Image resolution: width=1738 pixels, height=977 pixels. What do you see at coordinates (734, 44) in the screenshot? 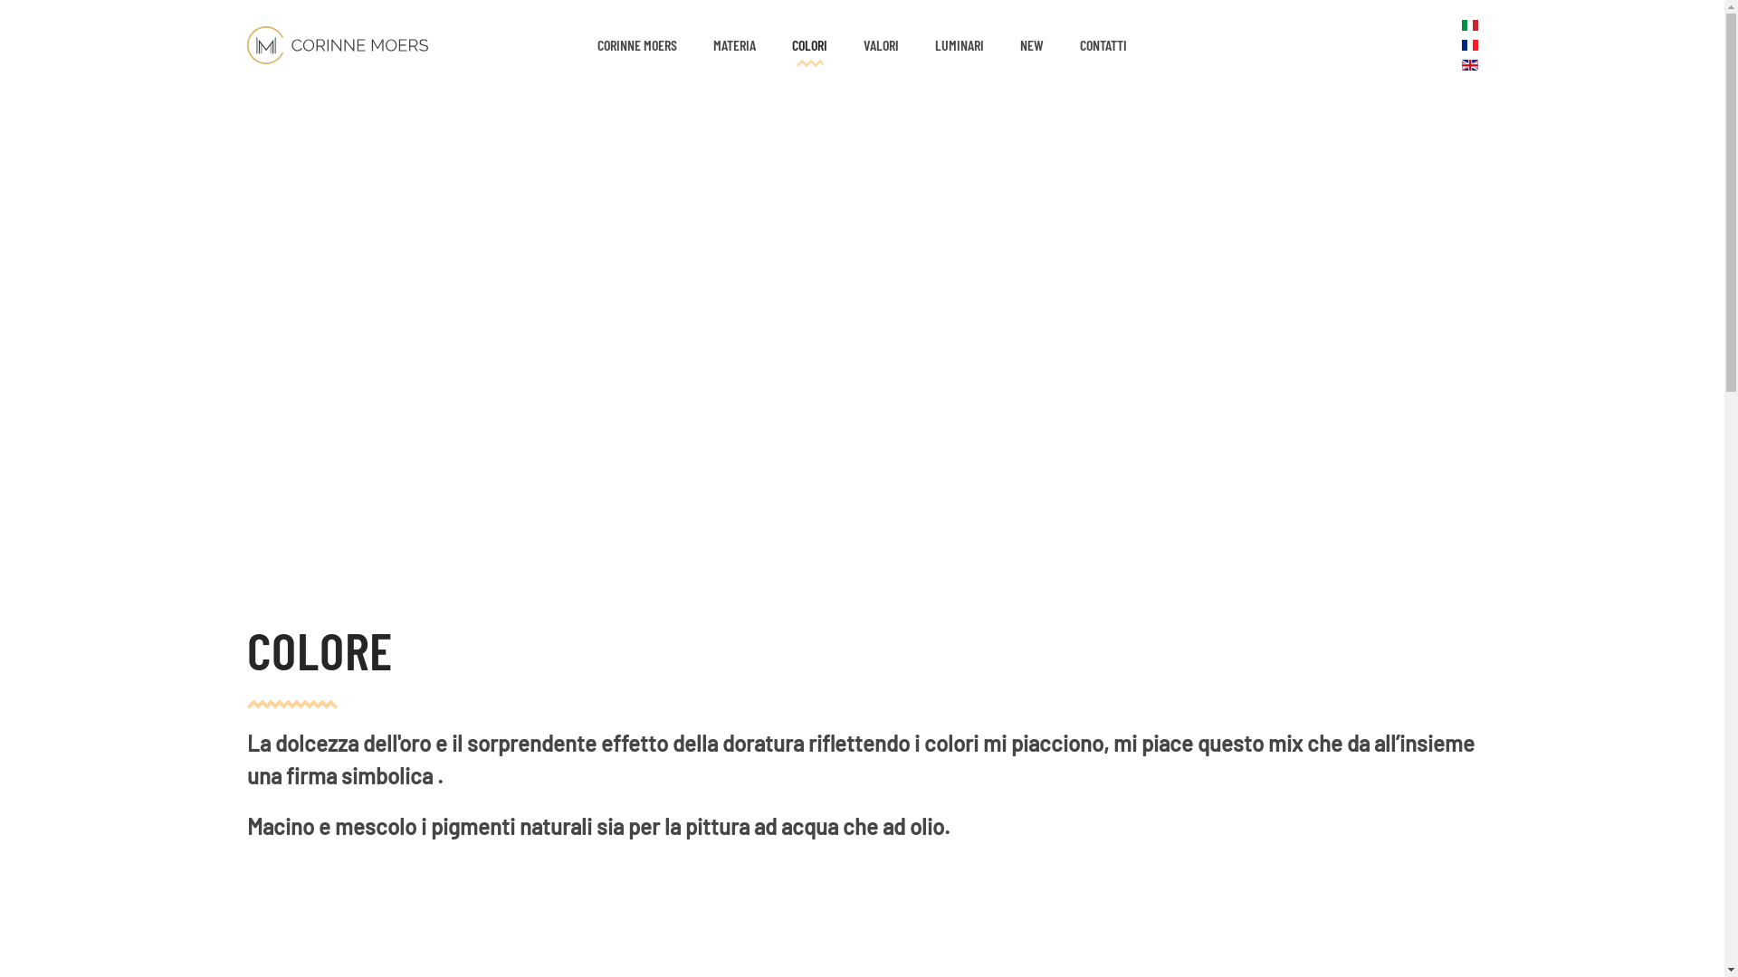
I see `'MATERIA'` at bounding box center [734, 44].